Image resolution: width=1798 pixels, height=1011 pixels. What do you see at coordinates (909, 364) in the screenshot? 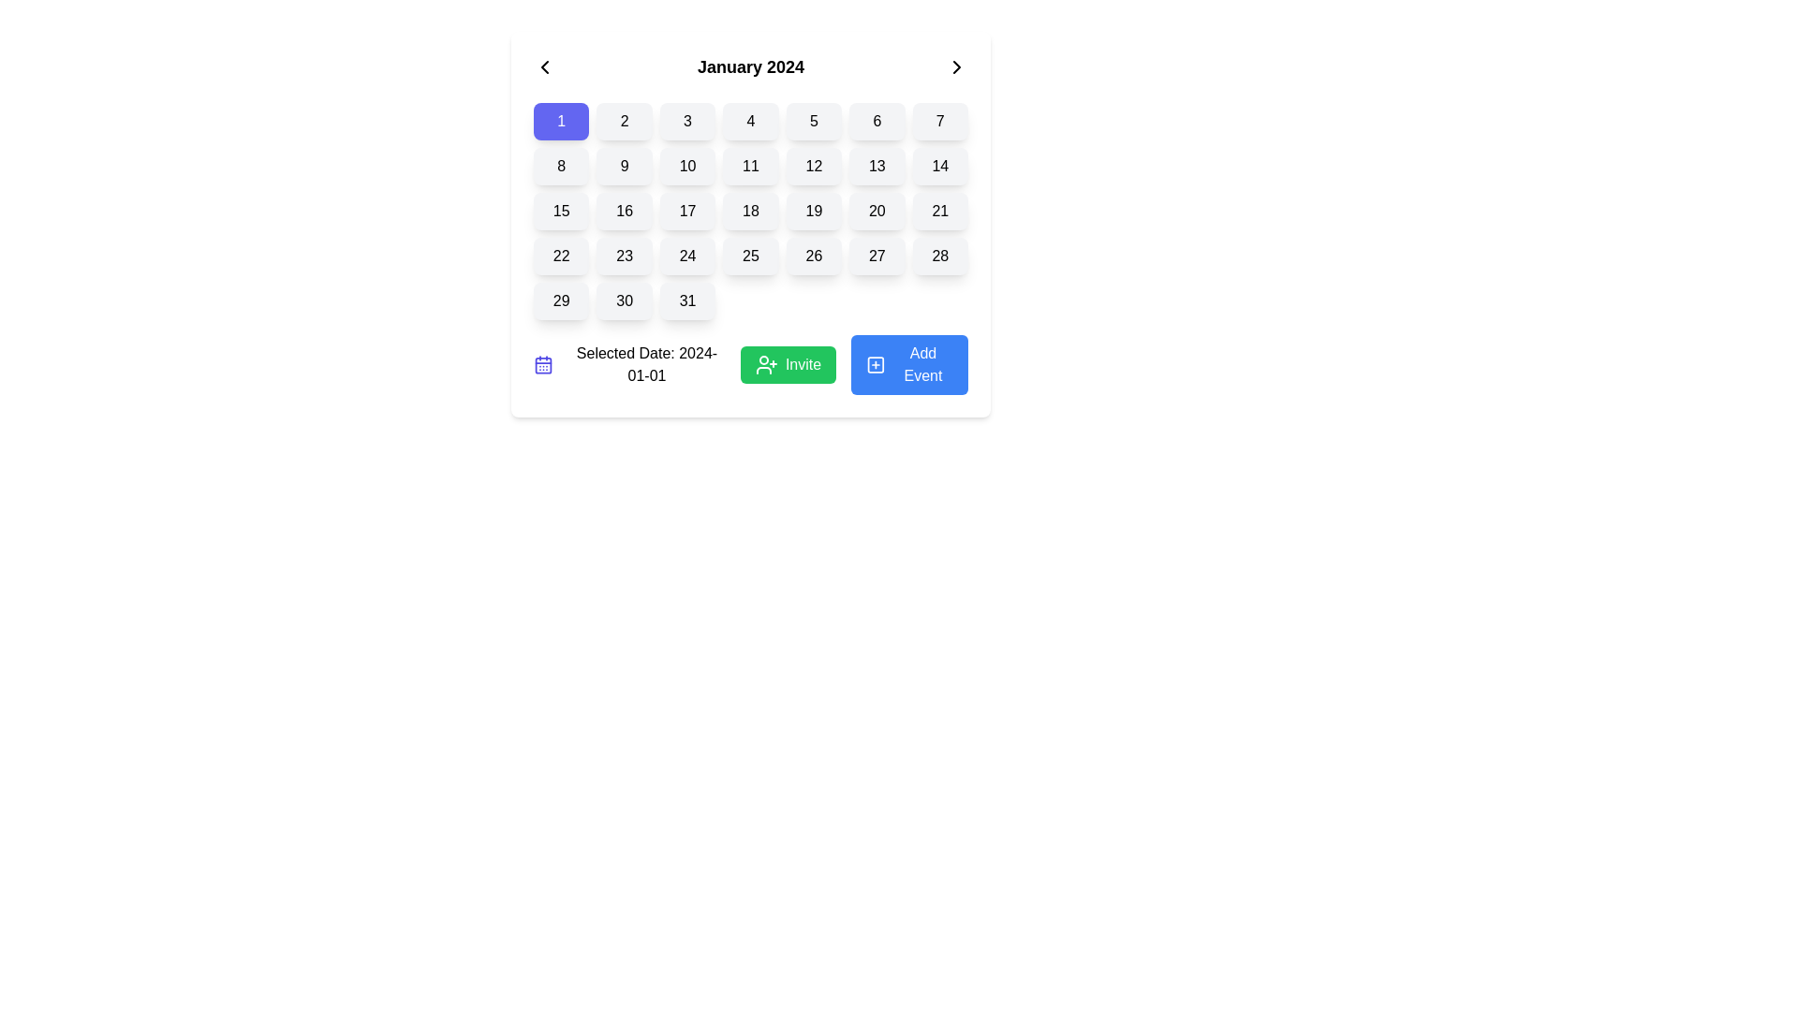
I see `the 'Add Event' button, which has a blue background, white text, and a plus icon` at bounding box center [909, 364].